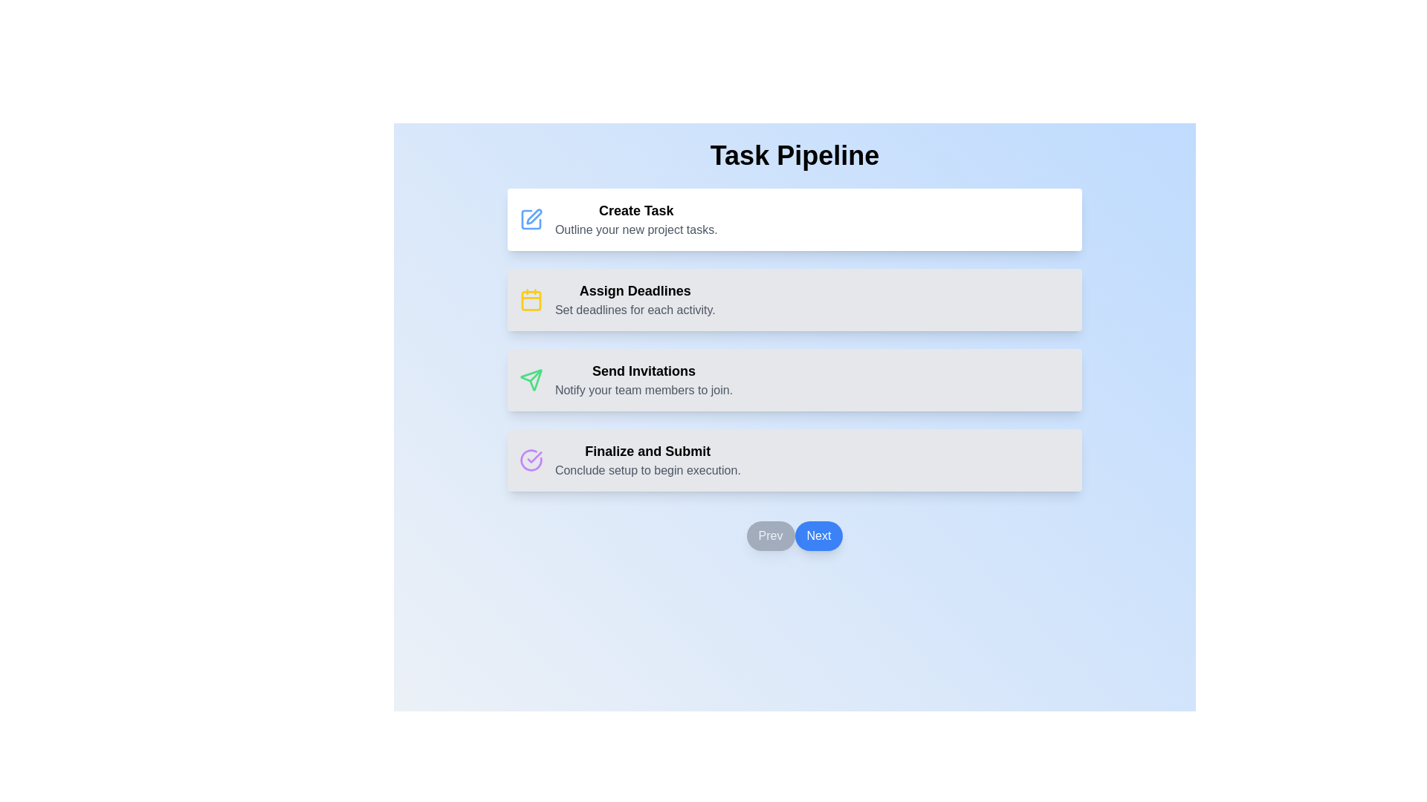 The image size is (1427, 802). I want to click on the informative text label located below the 'Assign Deadlines' heading in the second panel of the 'Task Pipeline' list, so click(635, 309).